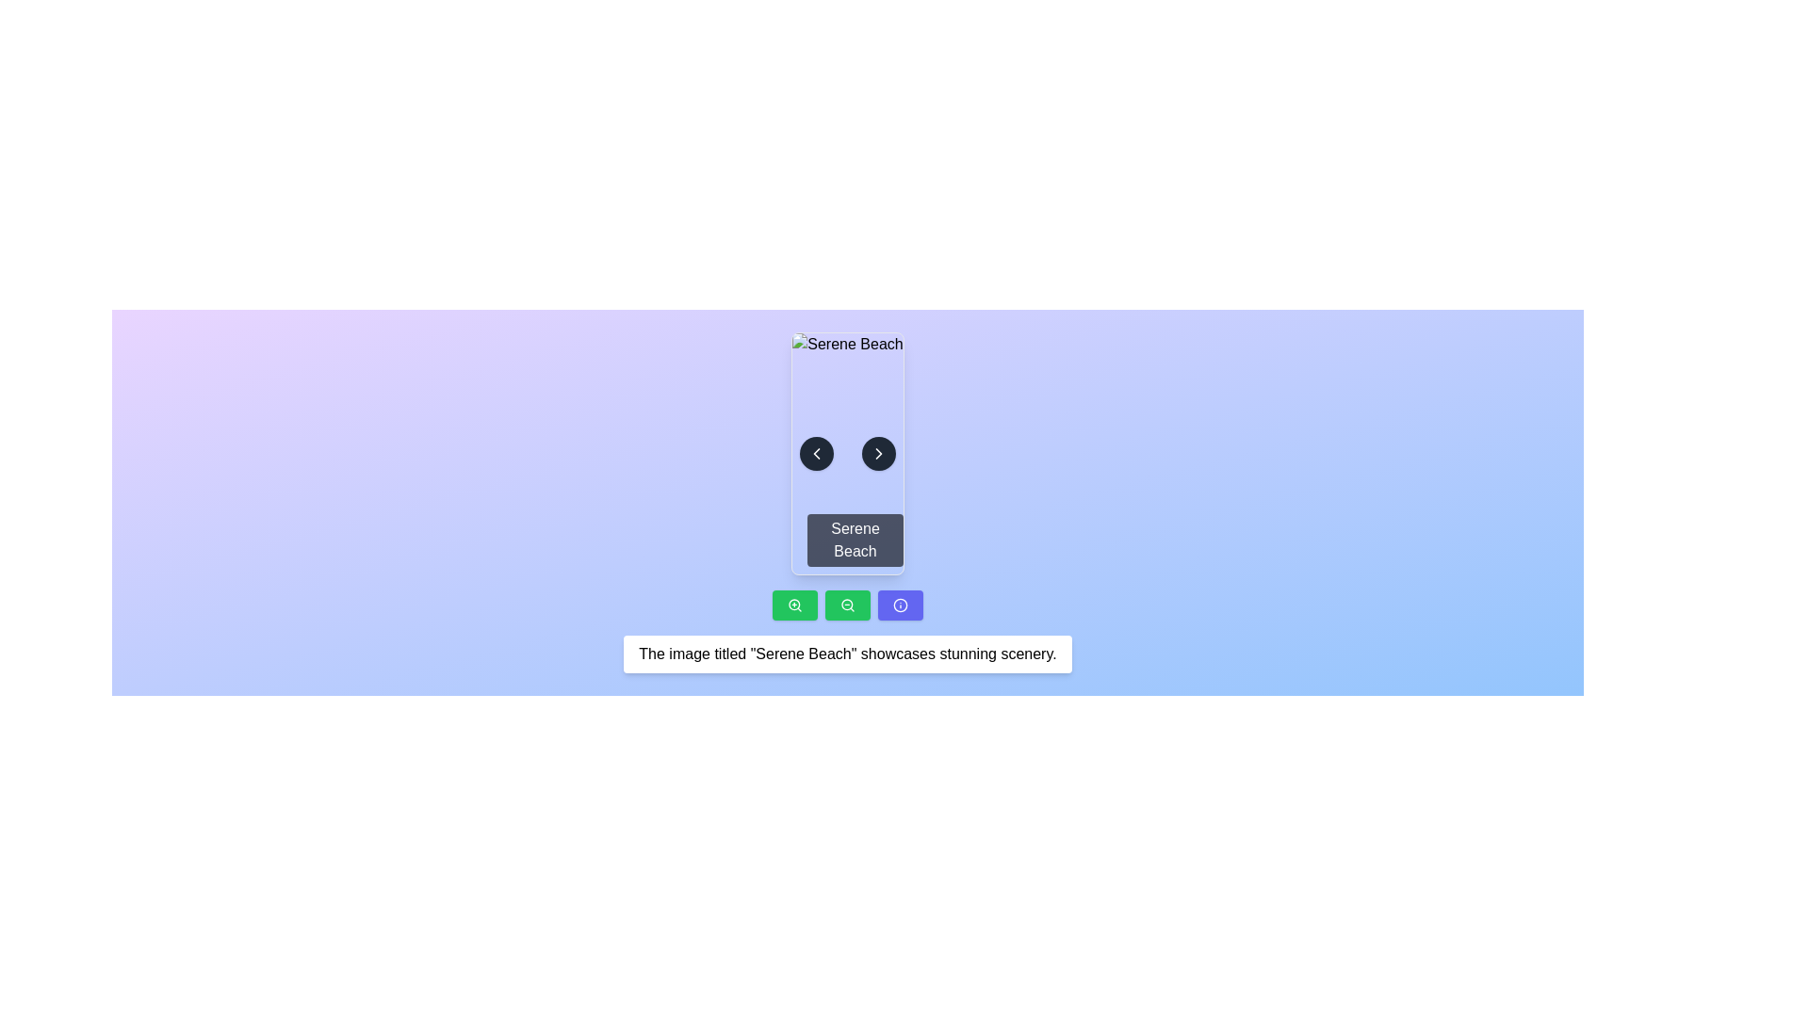 The image size is (1809, 1017). I want to click on the button located, so click(817, 454).